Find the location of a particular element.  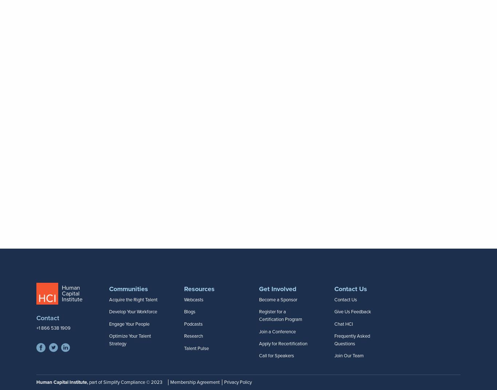

'Talent Pulse' is located at coordinates (196, 347).